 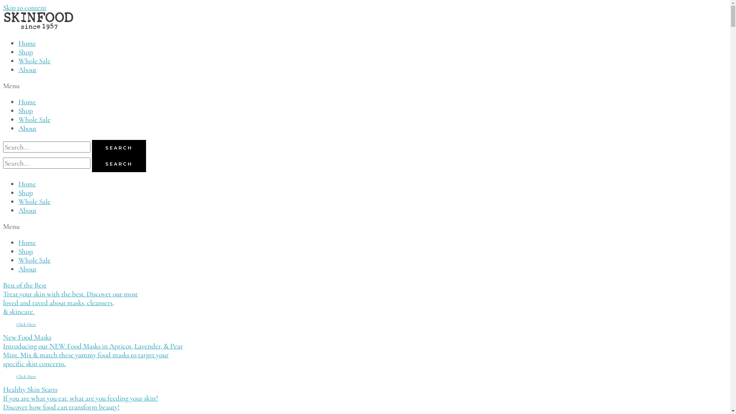 I want to click on 'Shop', so click(x=26, y=52).